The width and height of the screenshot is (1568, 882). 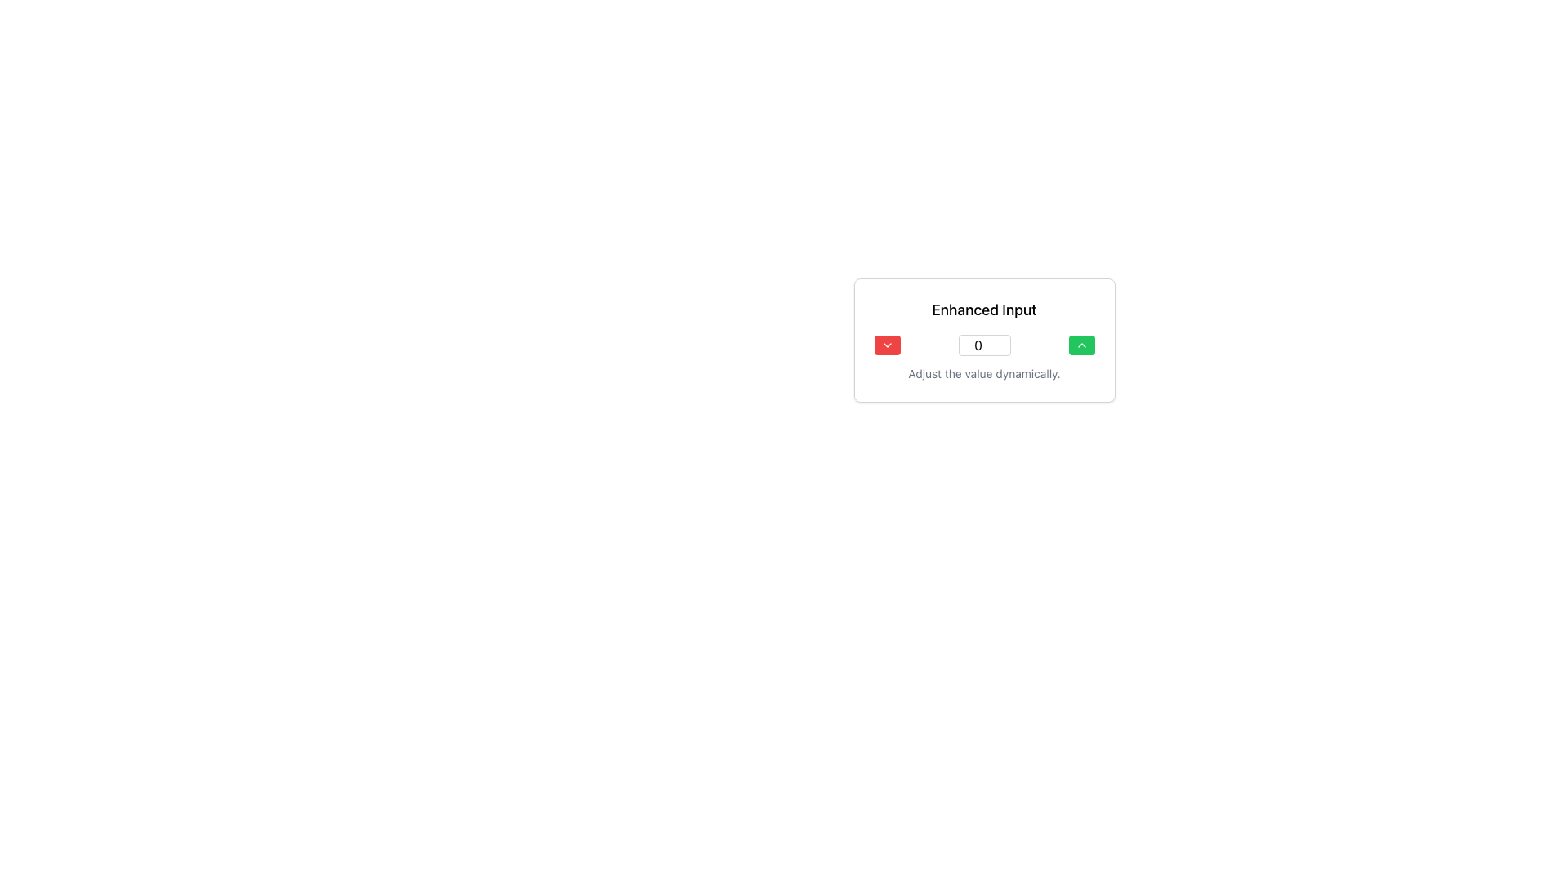 I want to click on the red rectangular button with rounded corners that contains a downward-pointing chevron icon, located on the left side of the horizontal layout, to observe visual feedback, so click(x=886, y=345).